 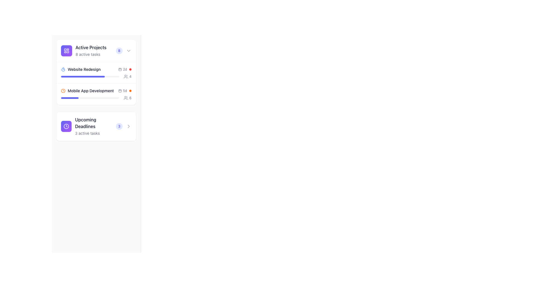 What do you see at coordinates (82, 77) in the screenshot?
I see `the horizontal blue progress bar within the 'Website Redesign' section of 'Active Projects'` at bounding box center [82, 77].